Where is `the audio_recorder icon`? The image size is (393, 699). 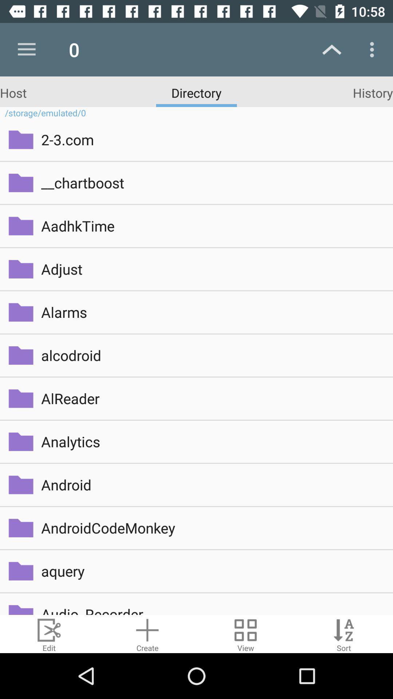
the audio_recorder icon is located at coordinates (212, 609).